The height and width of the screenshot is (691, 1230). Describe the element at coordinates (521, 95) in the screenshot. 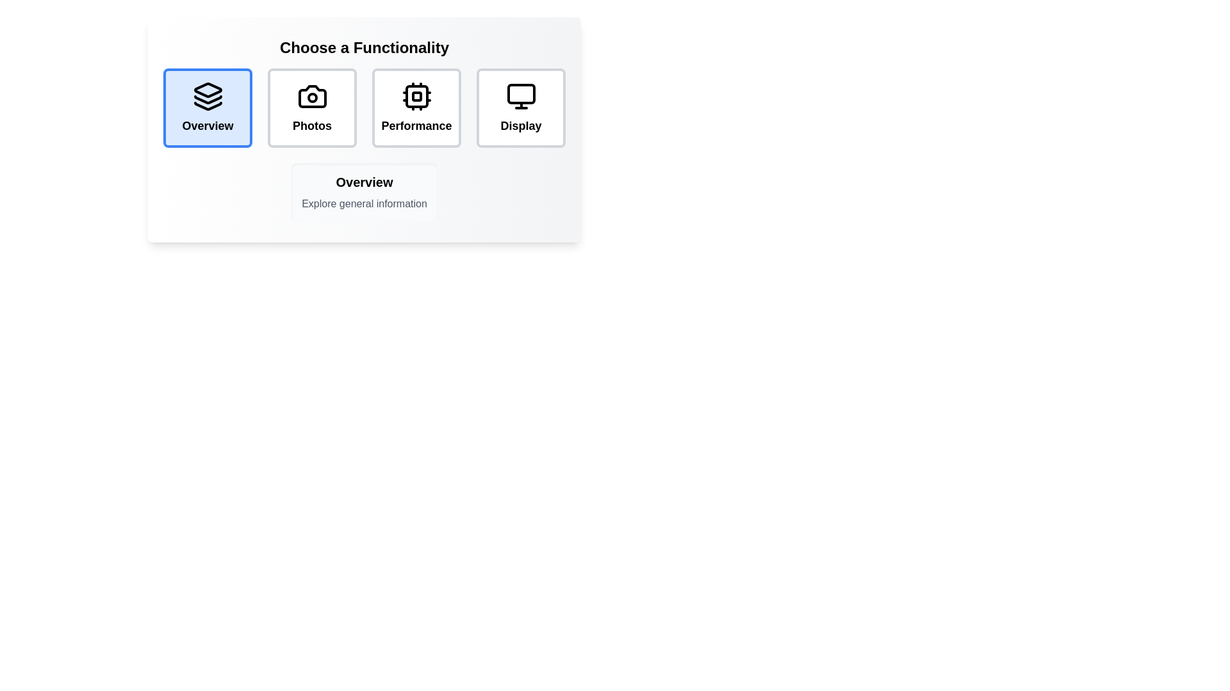

I see `the display icon located centrally within the third item of the horizontally aligned group of four elements under the 'Display' label` at that location.